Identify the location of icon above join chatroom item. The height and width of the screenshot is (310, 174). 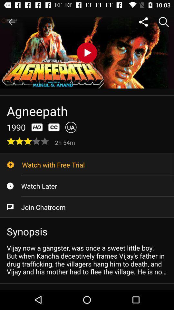
(87, 186).